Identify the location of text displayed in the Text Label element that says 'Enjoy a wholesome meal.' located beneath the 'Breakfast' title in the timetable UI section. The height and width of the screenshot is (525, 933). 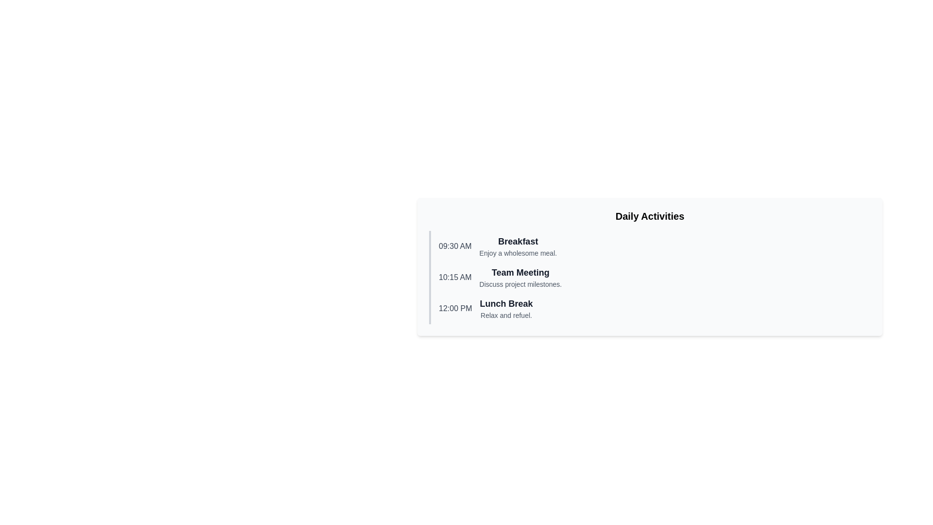
(518, 252).